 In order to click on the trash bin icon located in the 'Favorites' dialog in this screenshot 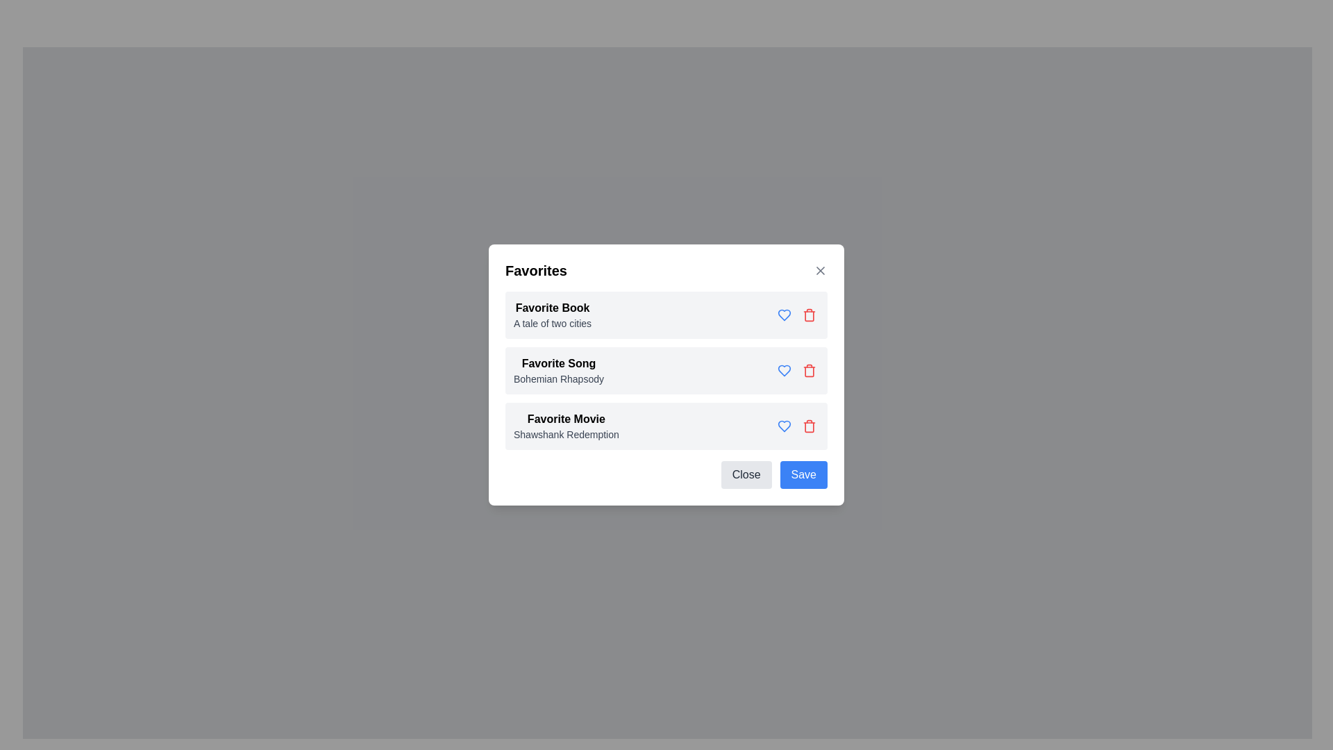, I will do `click(810, 371)`.